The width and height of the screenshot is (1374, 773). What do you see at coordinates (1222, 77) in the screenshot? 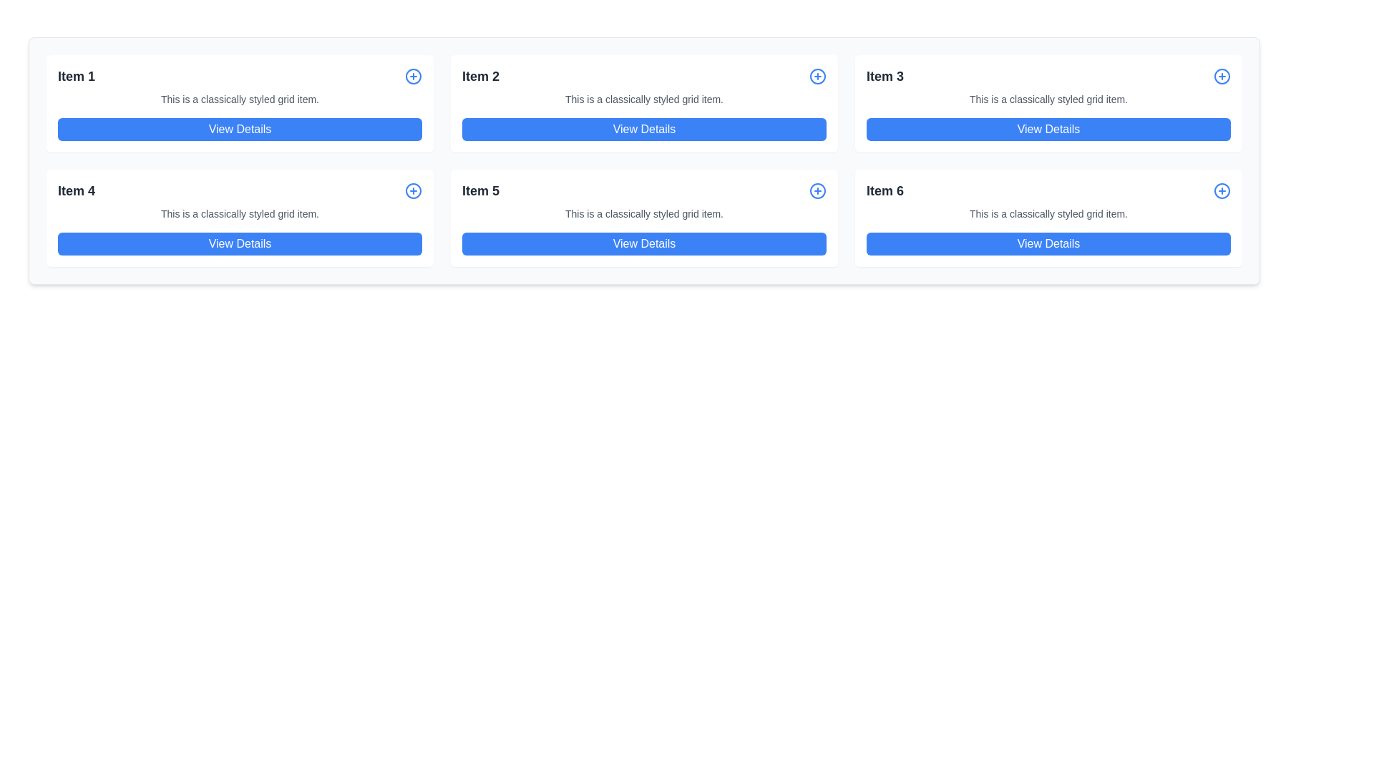
I see `the plus icon button located at the top-right corner of the card labeled 'Item 3'` at bounding box center [1222, 77].